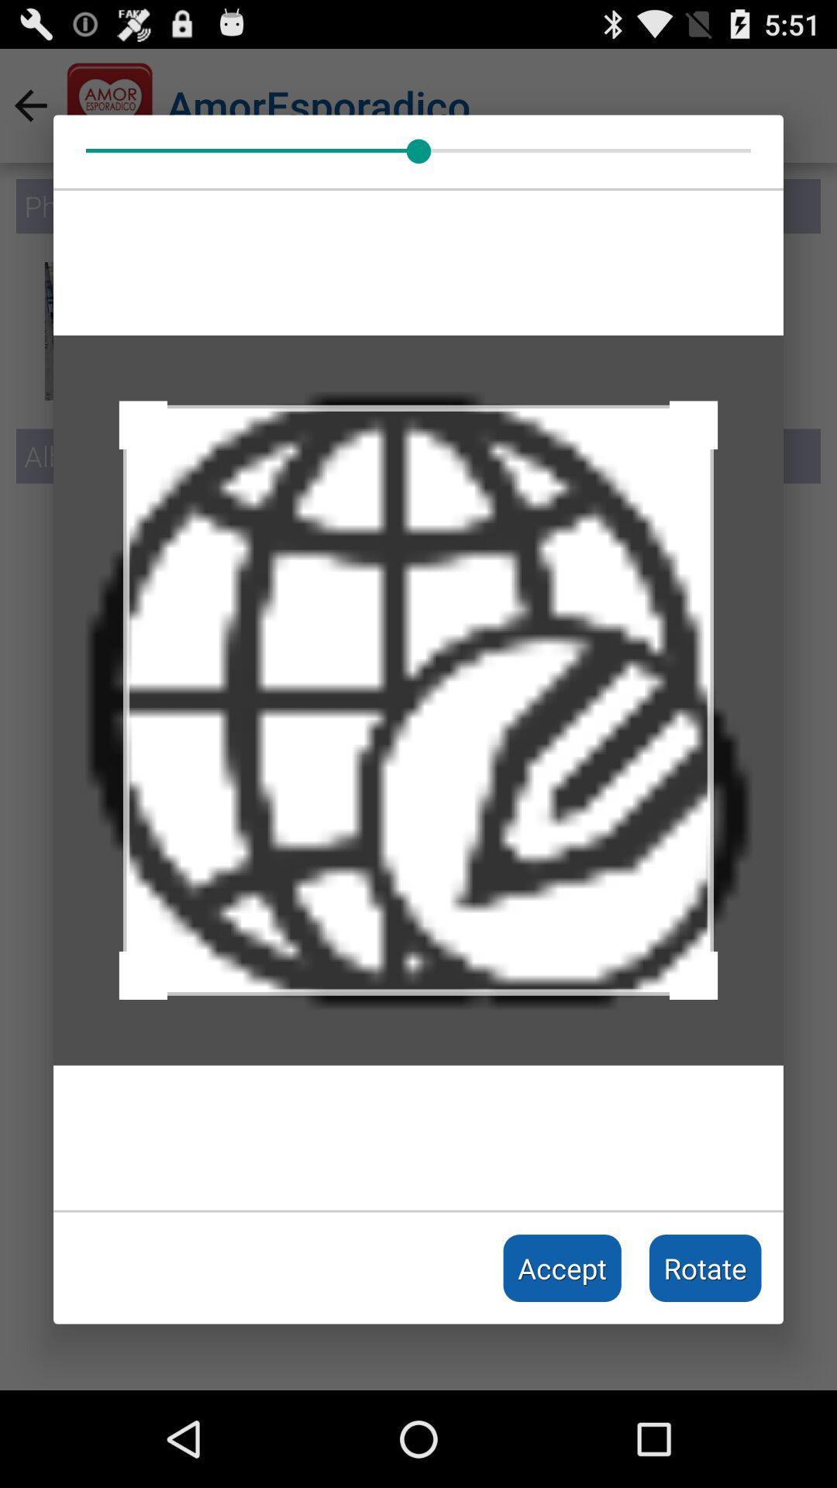 The image size is (837, 1488). Describe the element at coordinates (705, 1268) in the screenshot. I see `the rotate icon` at that location.